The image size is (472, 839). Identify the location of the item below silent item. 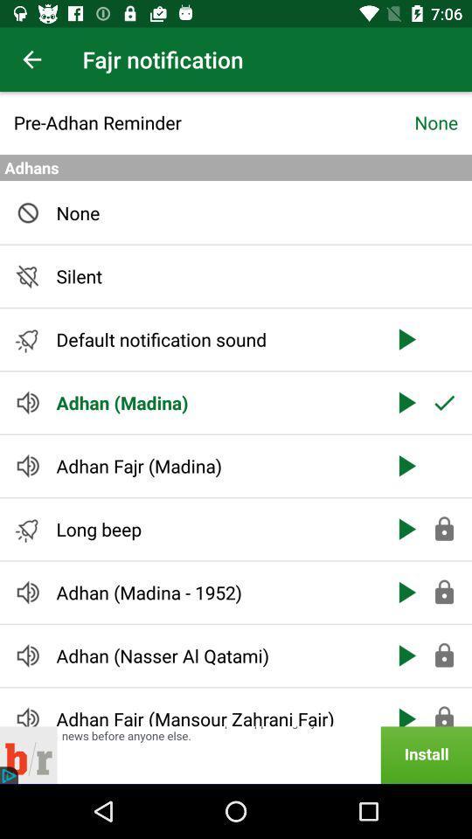
(214, 338).